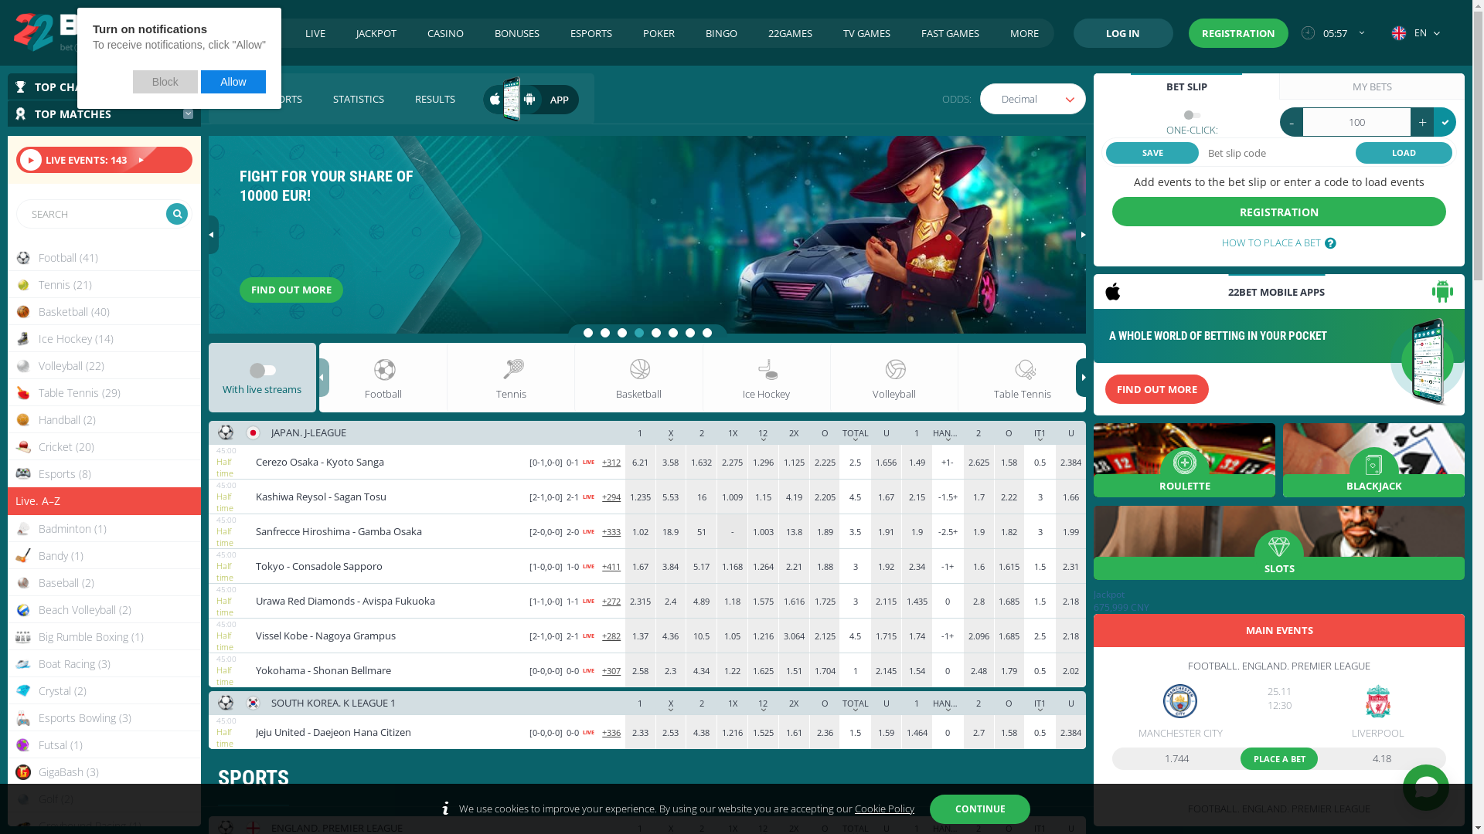  What do you see at coordinates (103, 717) in the screenshot?
I see `'Esports Bowling` at bounding box center [103, 717].